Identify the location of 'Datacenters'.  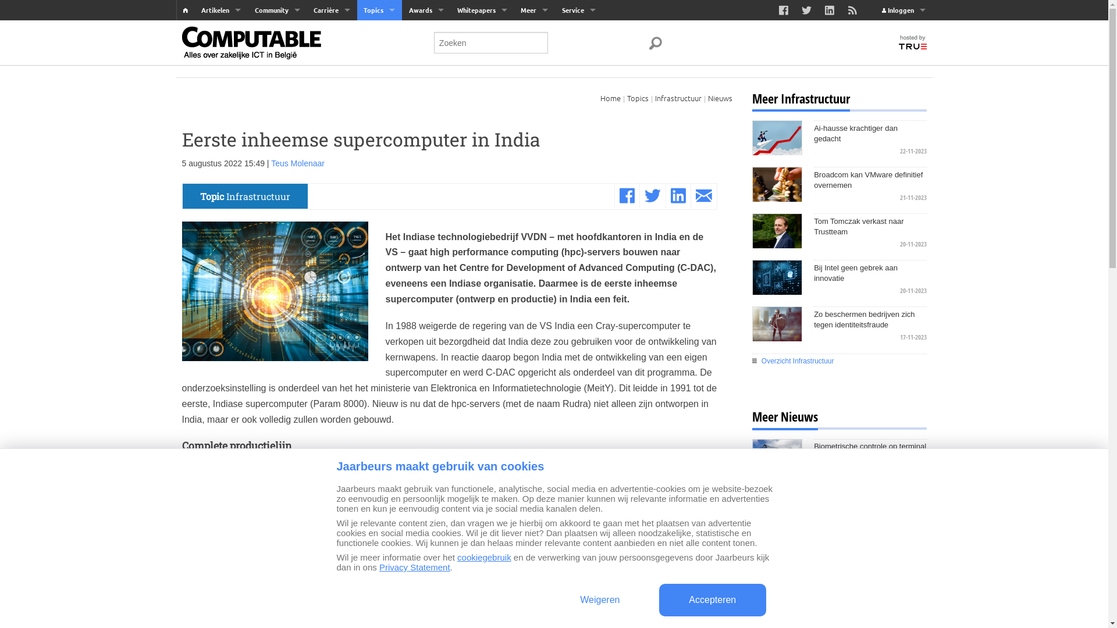
(379, 114).